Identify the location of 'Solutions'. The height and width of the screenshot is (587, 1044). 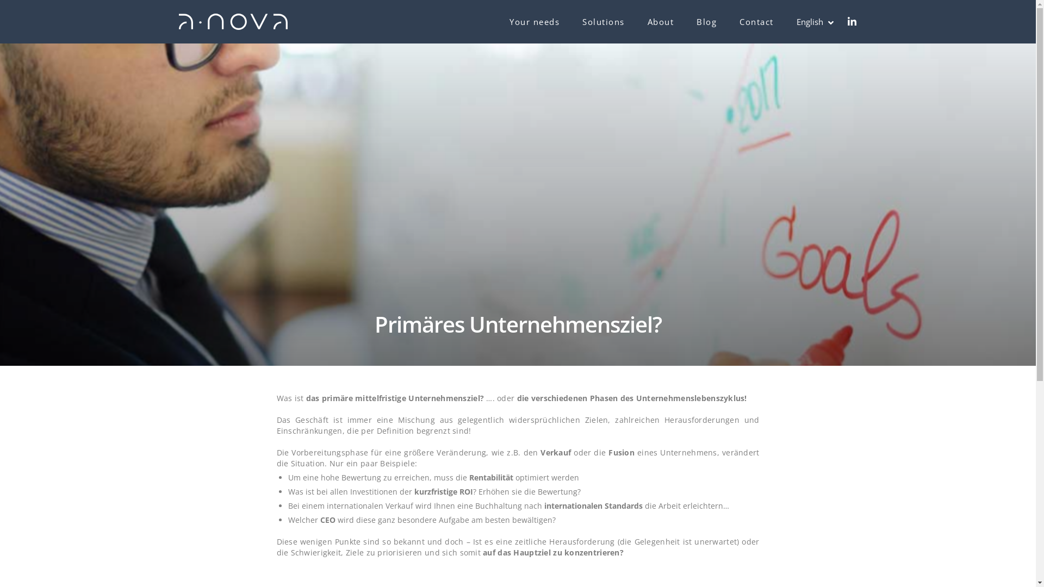
(370, 409).